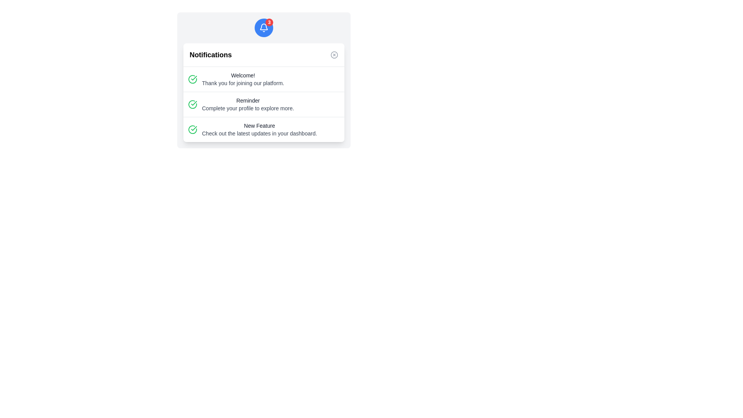  I want to click on the notification bell icon that has a badge showing '3' in the top-right corner, to open or toggle the notification panel, so click(264, 27).